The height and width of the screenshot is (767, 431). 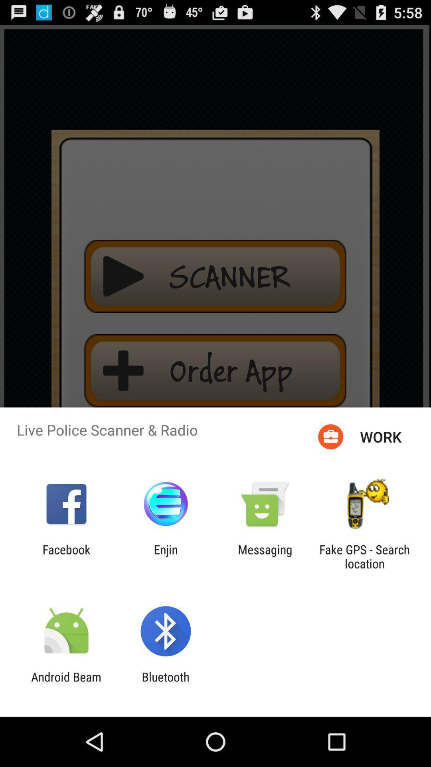 What do you see at coordinates (265, 556) in the screenshot?
I see `messaging` at bounding box center [265, 556].